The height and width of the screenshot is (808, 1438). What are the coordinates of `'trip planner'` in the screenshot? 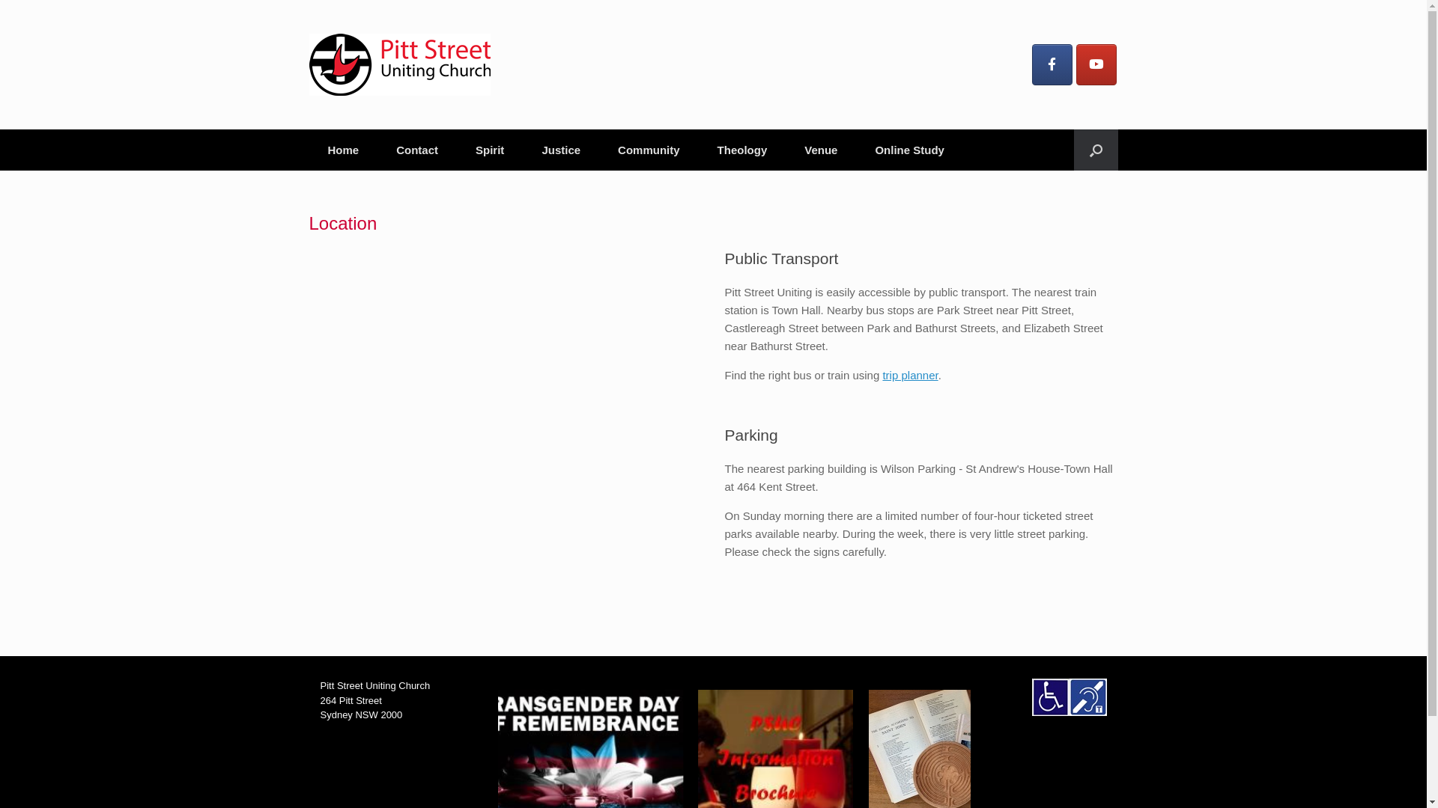 It's located at (908, 374).